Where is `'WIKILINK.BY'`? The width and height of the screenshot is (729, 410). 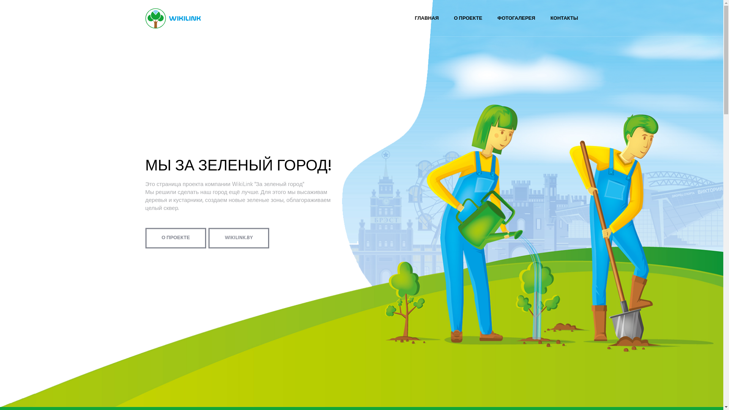 'WIKILINK.BY' is located at coordinates (238, 238).